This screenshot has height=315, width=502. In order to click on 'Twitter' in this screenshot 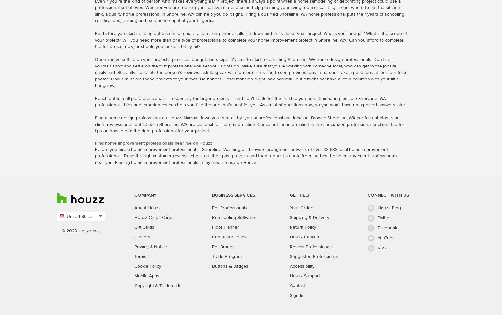, I will do `click(384, 217)`.